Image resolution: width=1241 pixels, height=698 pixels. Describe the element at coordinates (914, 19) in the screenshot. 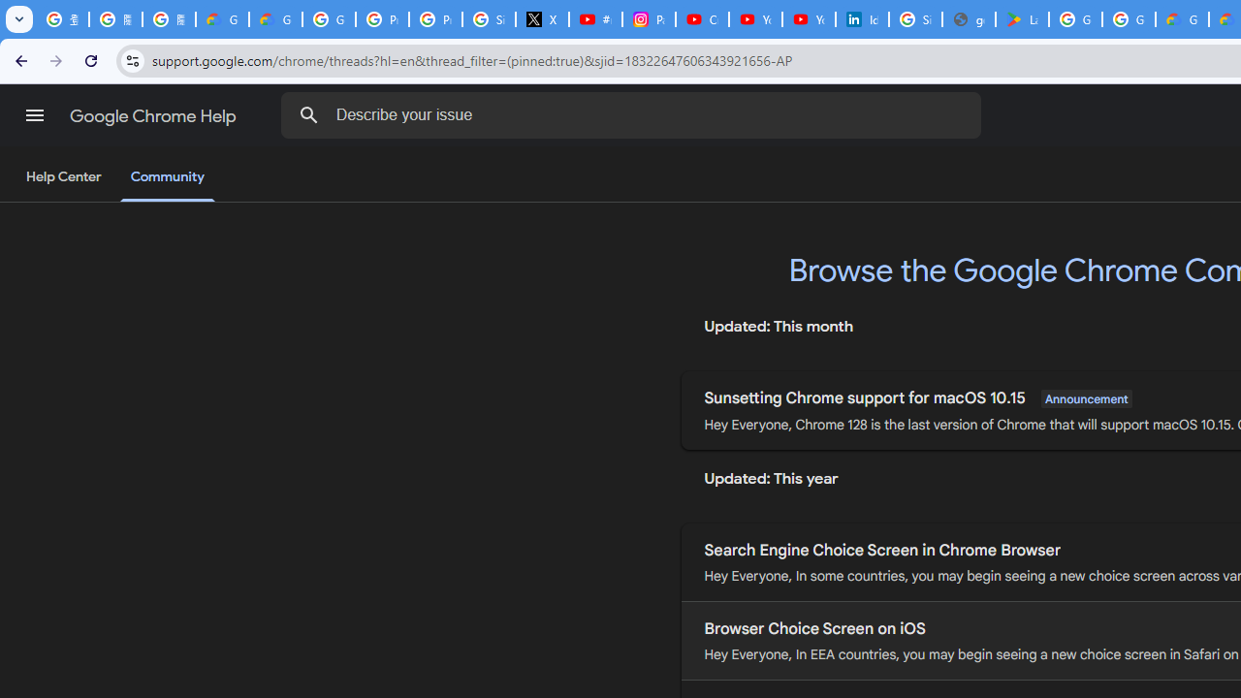

I see `'Sign in - Google Accounts'` at that location.